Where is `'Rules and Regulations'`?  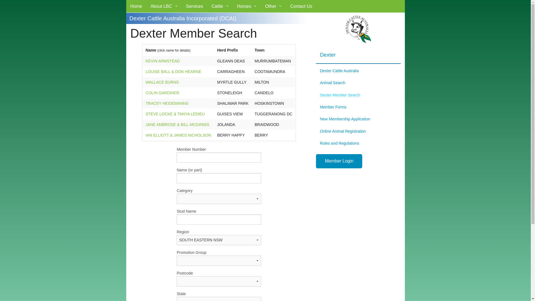 'Rules and Regulations' is located at coordinates (358, 143).